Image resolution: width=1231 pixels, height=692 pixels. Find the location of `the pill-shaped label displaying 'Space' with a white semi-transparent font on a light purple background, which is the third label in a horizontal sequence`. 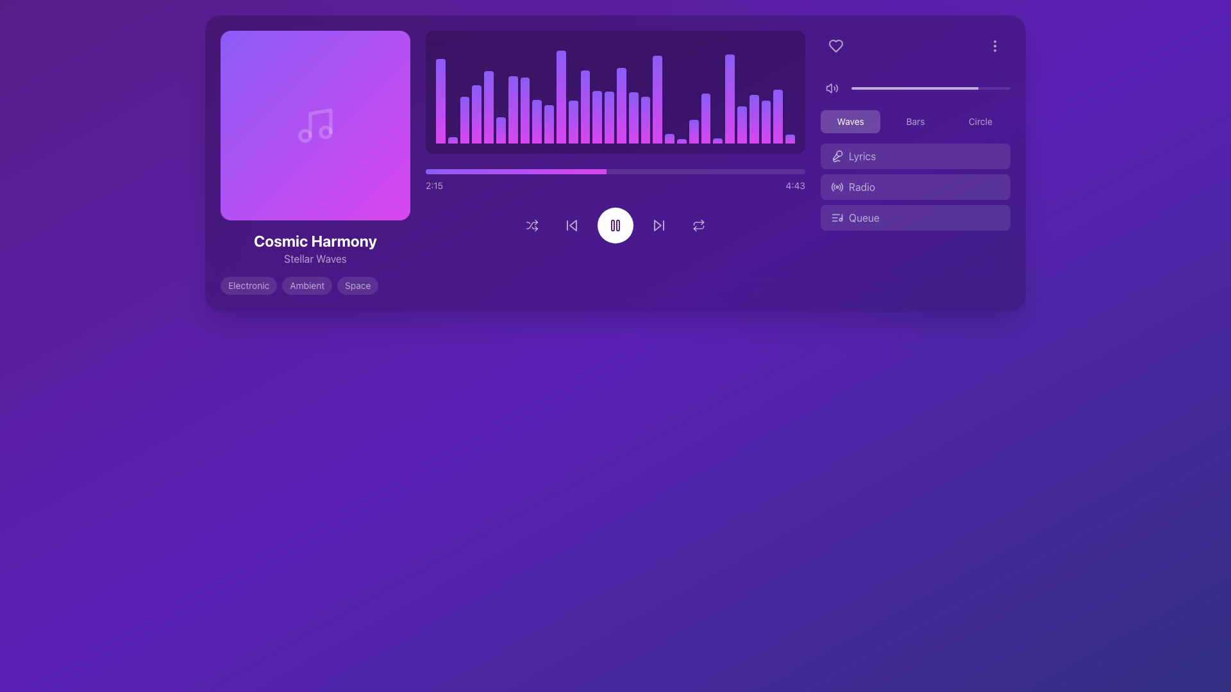

the pill-shaped label displaying 'Space' with a white semi-transparent font on a light purple background, which is the third label in a horizontal sequence is located at coordinates (358, 285).